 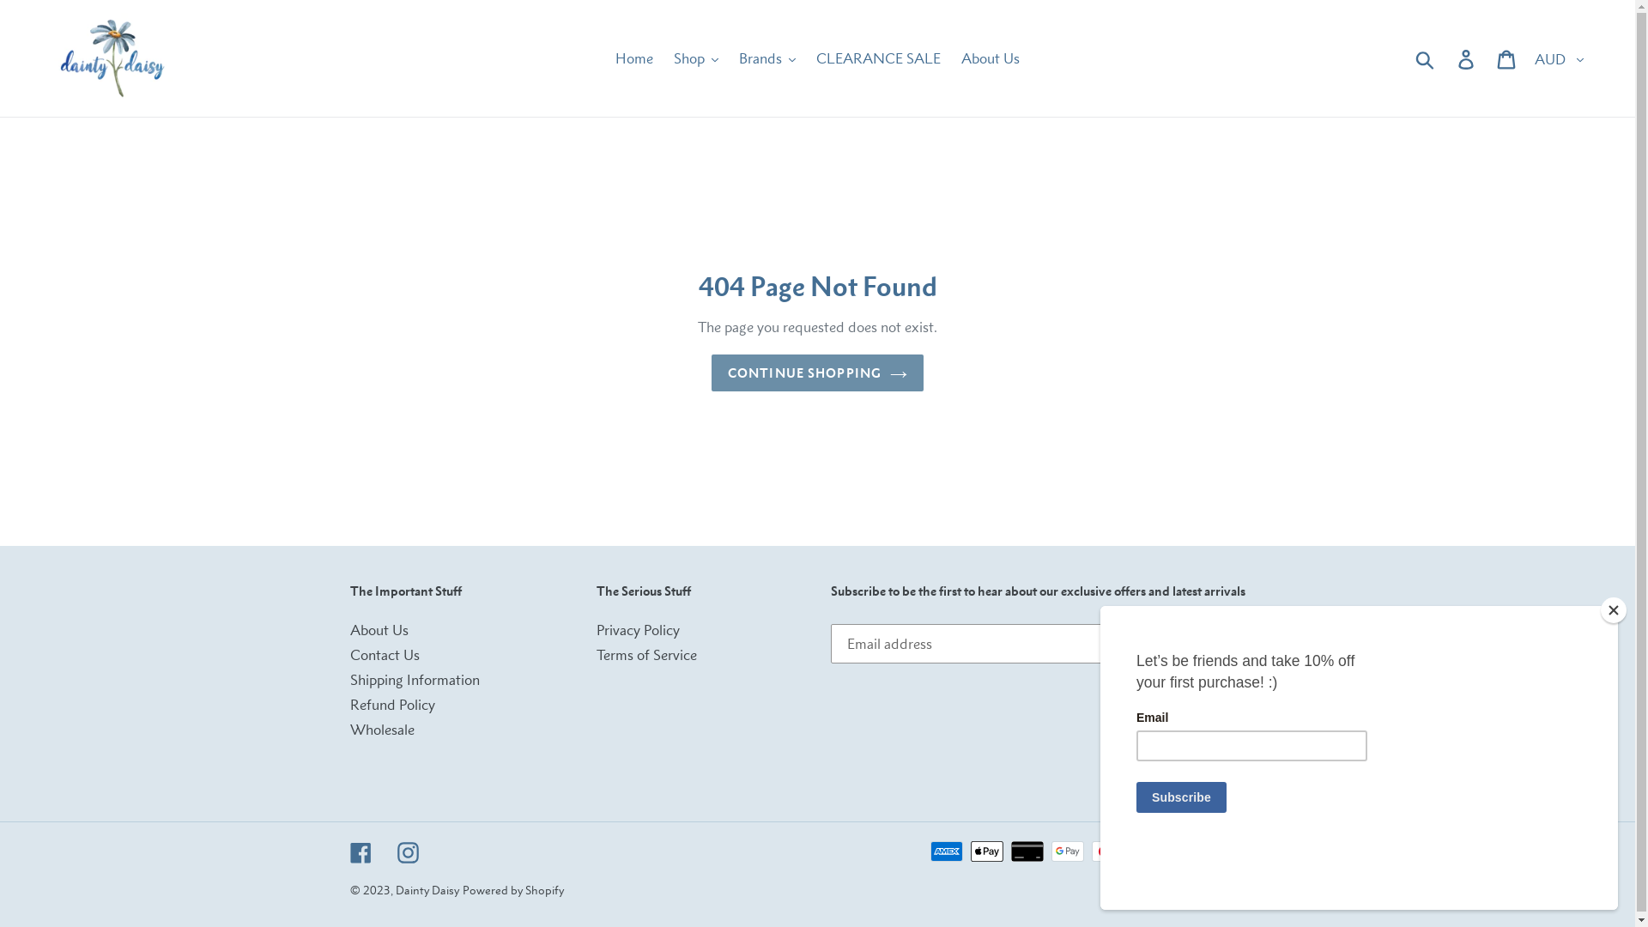 What do you see at coordinates (597, 629) in the screenshot?
I see `'Privacy Policy'` at bounding box center [597, 629].